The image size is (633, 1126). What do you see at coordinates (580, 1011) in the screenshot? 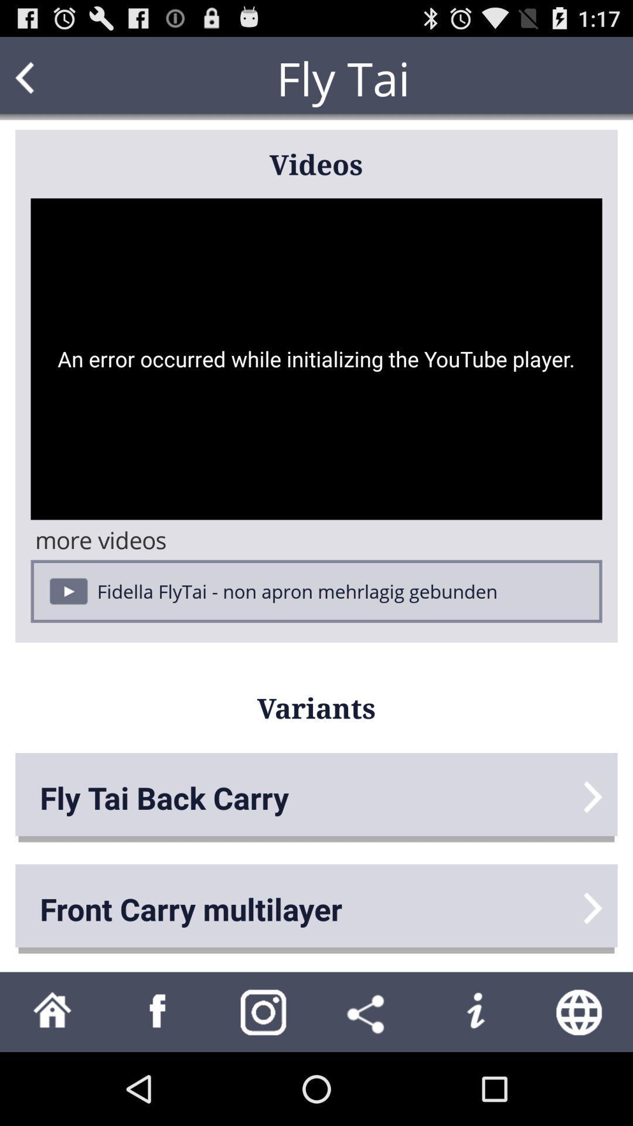
I see `open web browser` at bounding box center [580, 1011].